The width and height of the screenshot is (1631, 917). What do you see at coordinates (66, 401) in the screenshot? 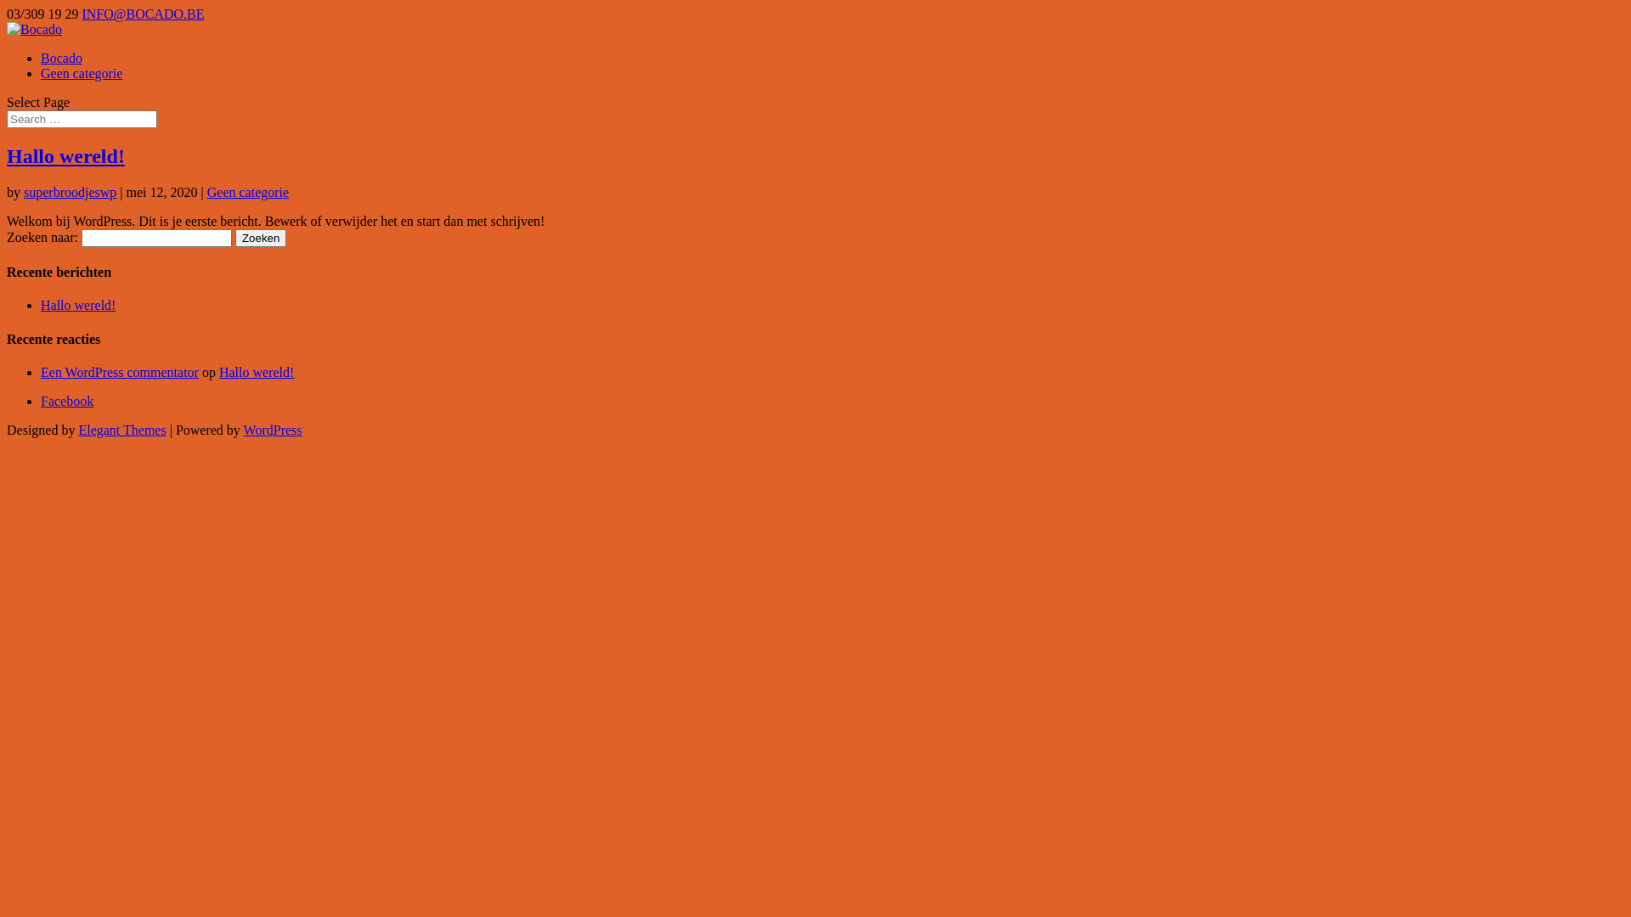
I see `'Facebook'` at bounding box center [66, 401].